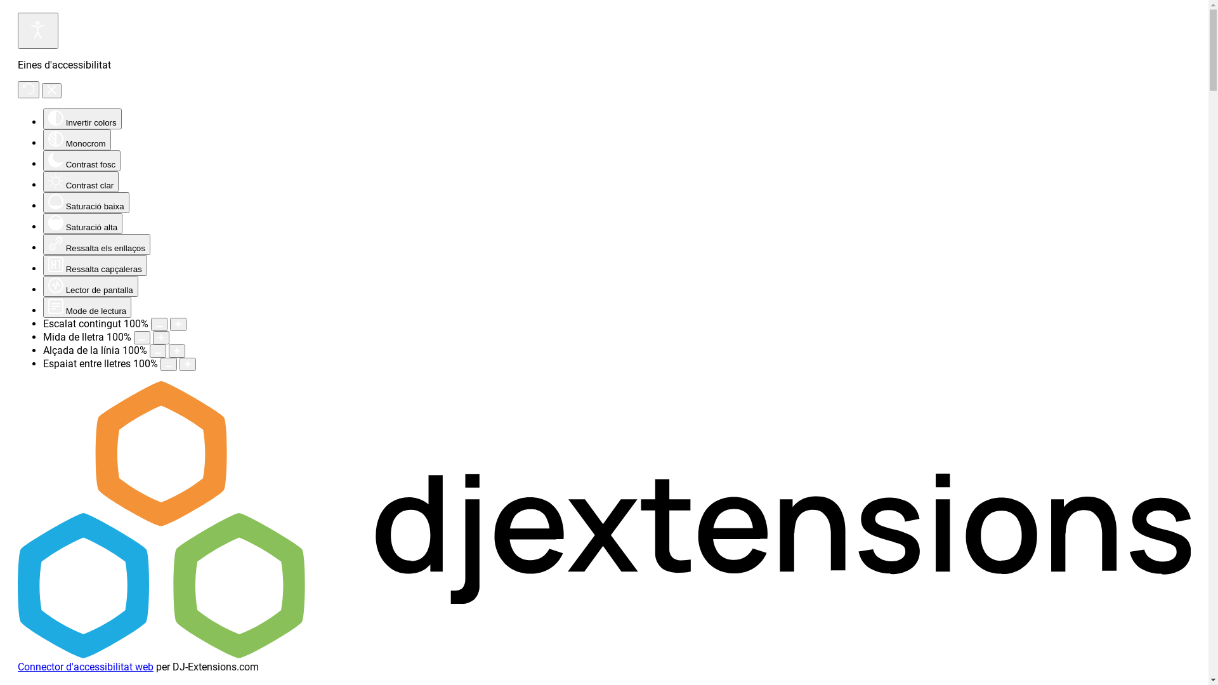 The width and height of the screenshot is (1218, 685). Describe the element at coordinates (43, 160) in the screenshot. I see `'Contrast fosc'` at that location.